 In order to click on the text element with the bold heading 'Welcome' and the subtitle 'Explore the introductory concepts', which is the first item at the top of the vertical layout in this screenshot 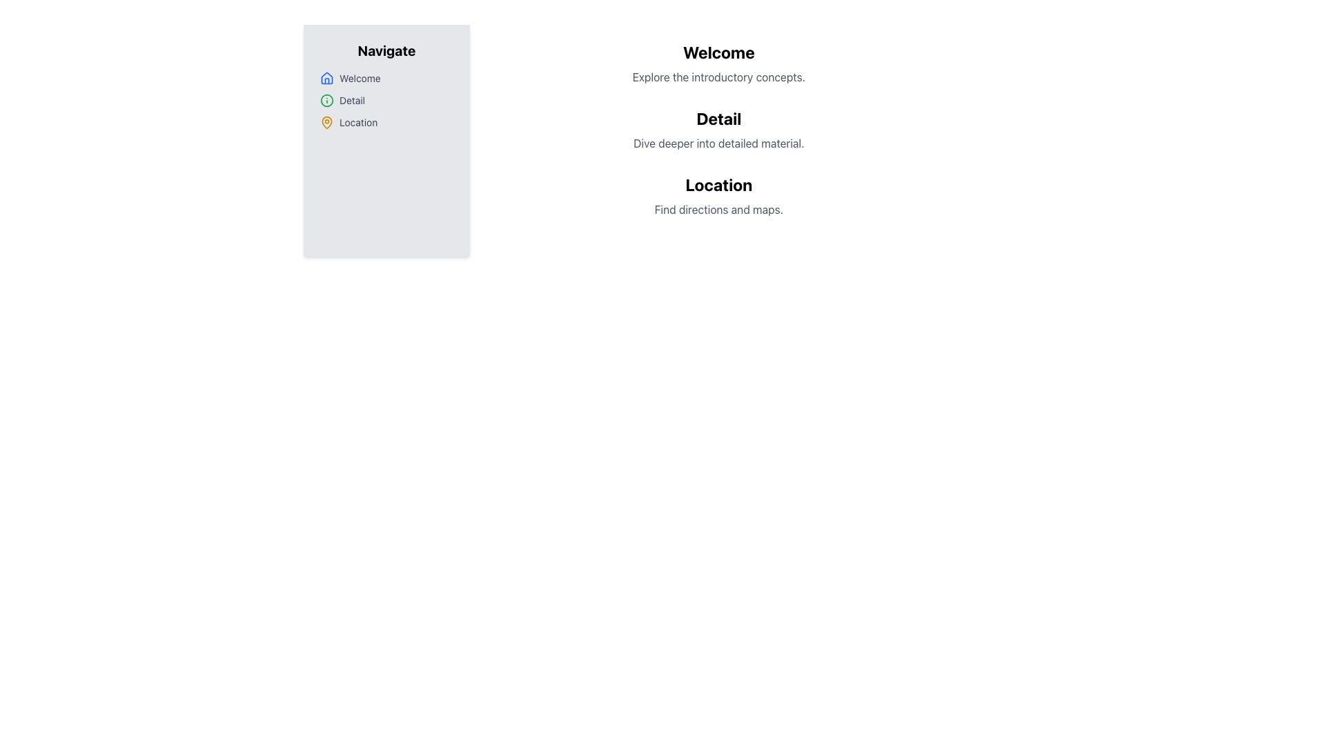, I will do `click(718, 63)`.